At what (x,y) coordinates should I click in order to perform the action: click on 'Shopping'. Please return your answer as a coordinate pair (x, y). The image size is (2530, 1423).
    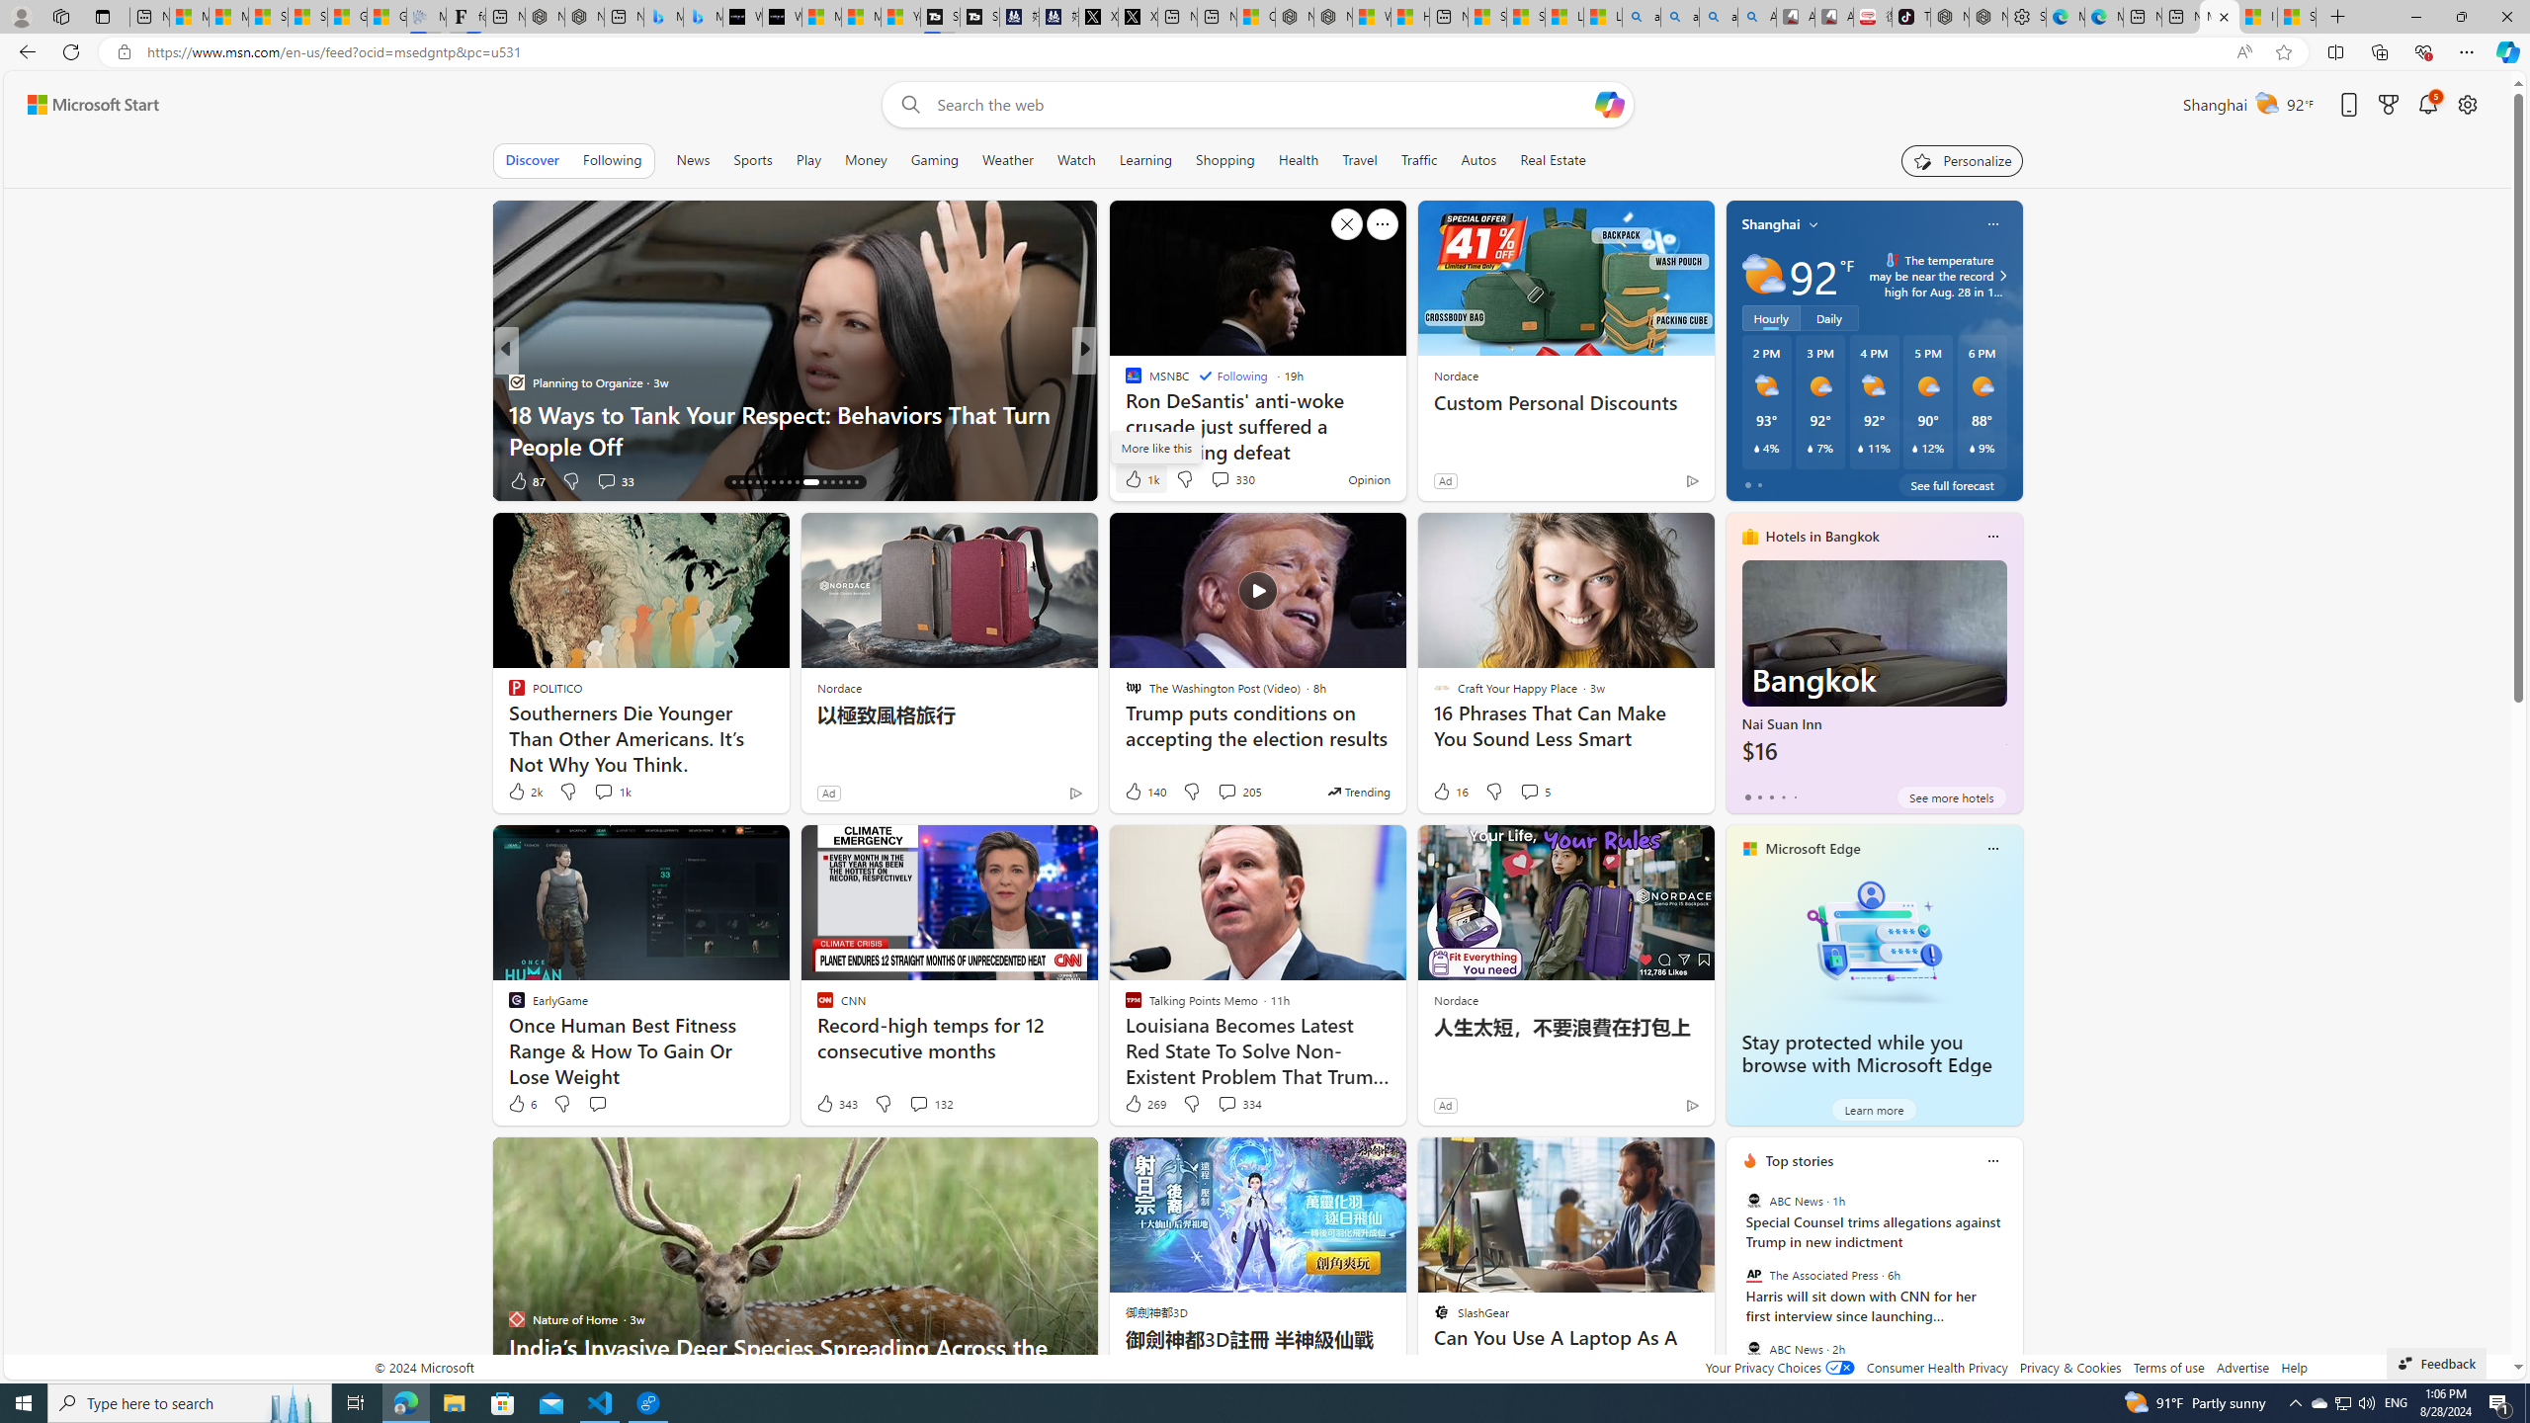
    Looking at the image, I should click on (1224, 159).